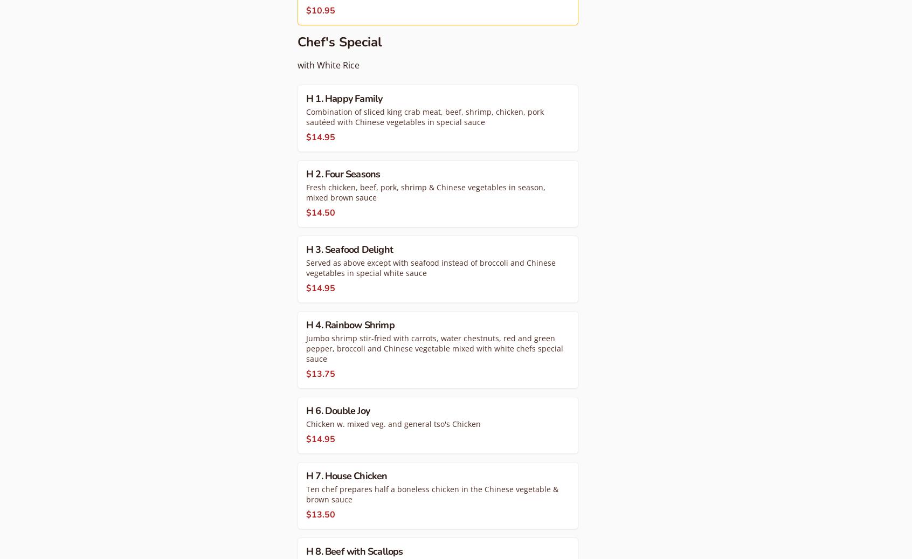 The height and width of the screenshot is (559, 912). I want to click on 'H 6. Double Joy', so click(337, 410).